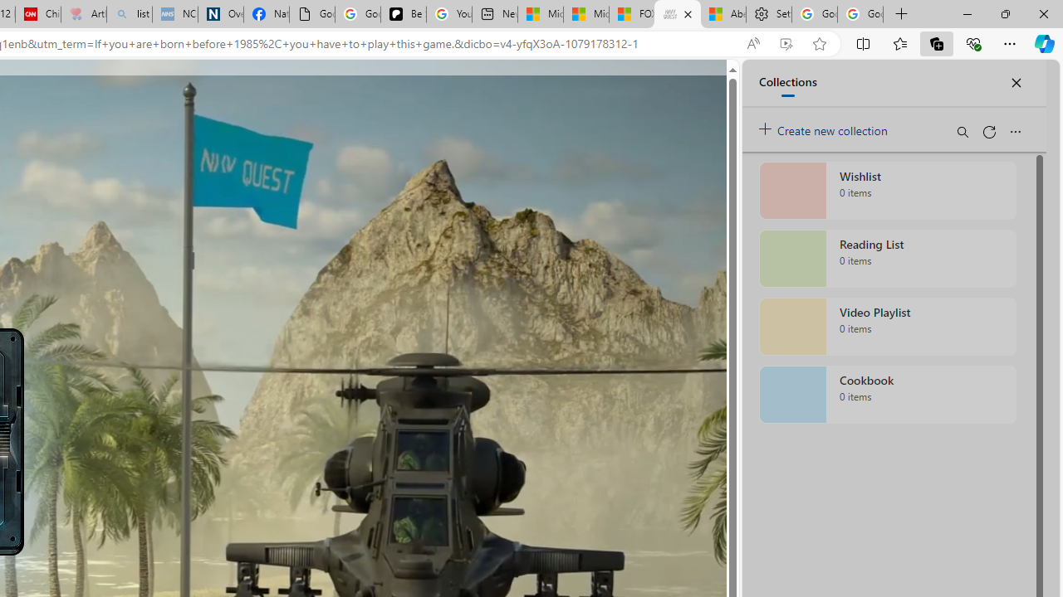 The height and width of the screenshot is (597, 1063). Describe the element at coordinates (768, 14) in the screenshot. I see `'Settings'` at that location.